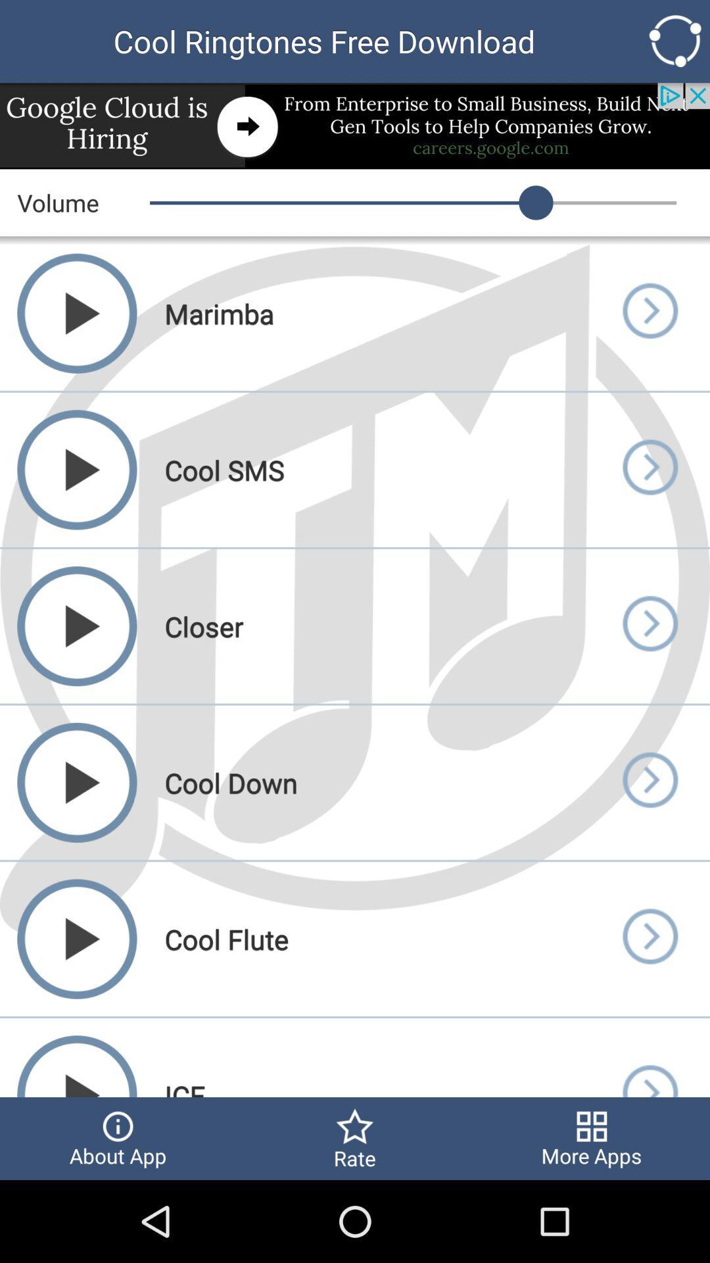  Describe the element at coordinates (649, 938) in the screenshot. I see `change ringtone` at that location.